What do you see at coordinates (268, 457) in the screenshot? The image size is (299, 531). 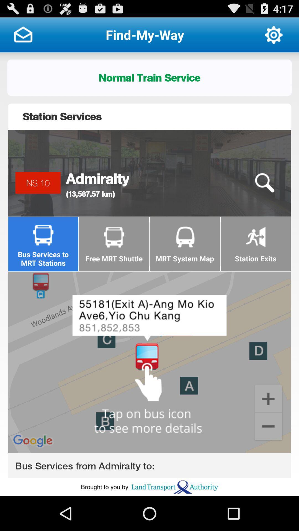 I see `the minus icon` at bounding box center [268, 457].